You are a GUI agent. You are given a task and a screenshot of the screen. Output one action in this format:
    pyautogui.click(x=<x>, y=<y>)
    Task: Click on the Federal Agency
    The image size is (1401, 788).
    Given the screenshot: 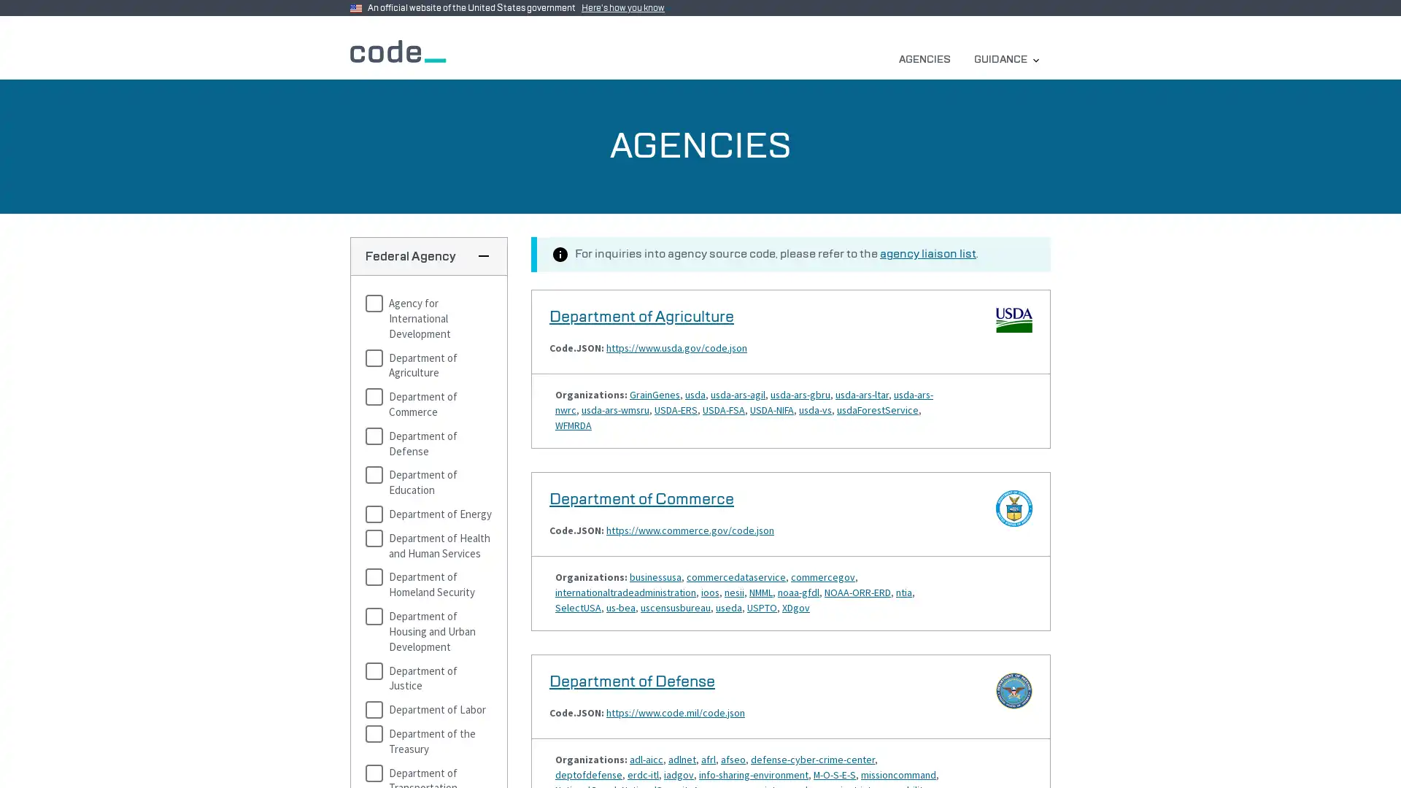 What is the action you would take?
    pyautogui.click(x=428, y=255)
    